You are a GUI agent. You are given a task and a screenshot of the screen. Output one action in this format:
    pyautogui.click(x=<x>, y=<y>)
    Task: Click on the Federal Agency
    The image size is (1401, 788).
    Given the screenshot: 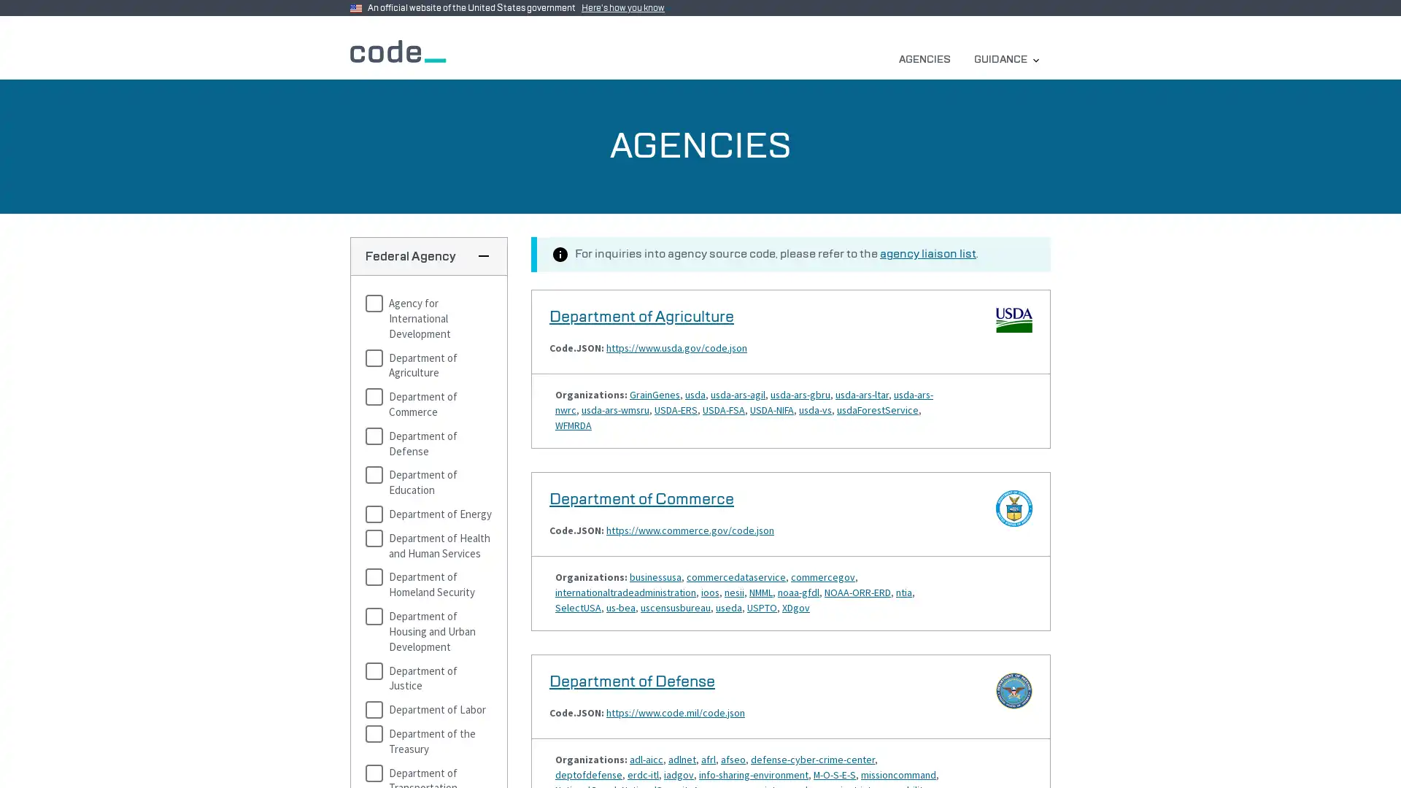 What is the action you would take?
    pyautogui.click(x=428, y=255)
    